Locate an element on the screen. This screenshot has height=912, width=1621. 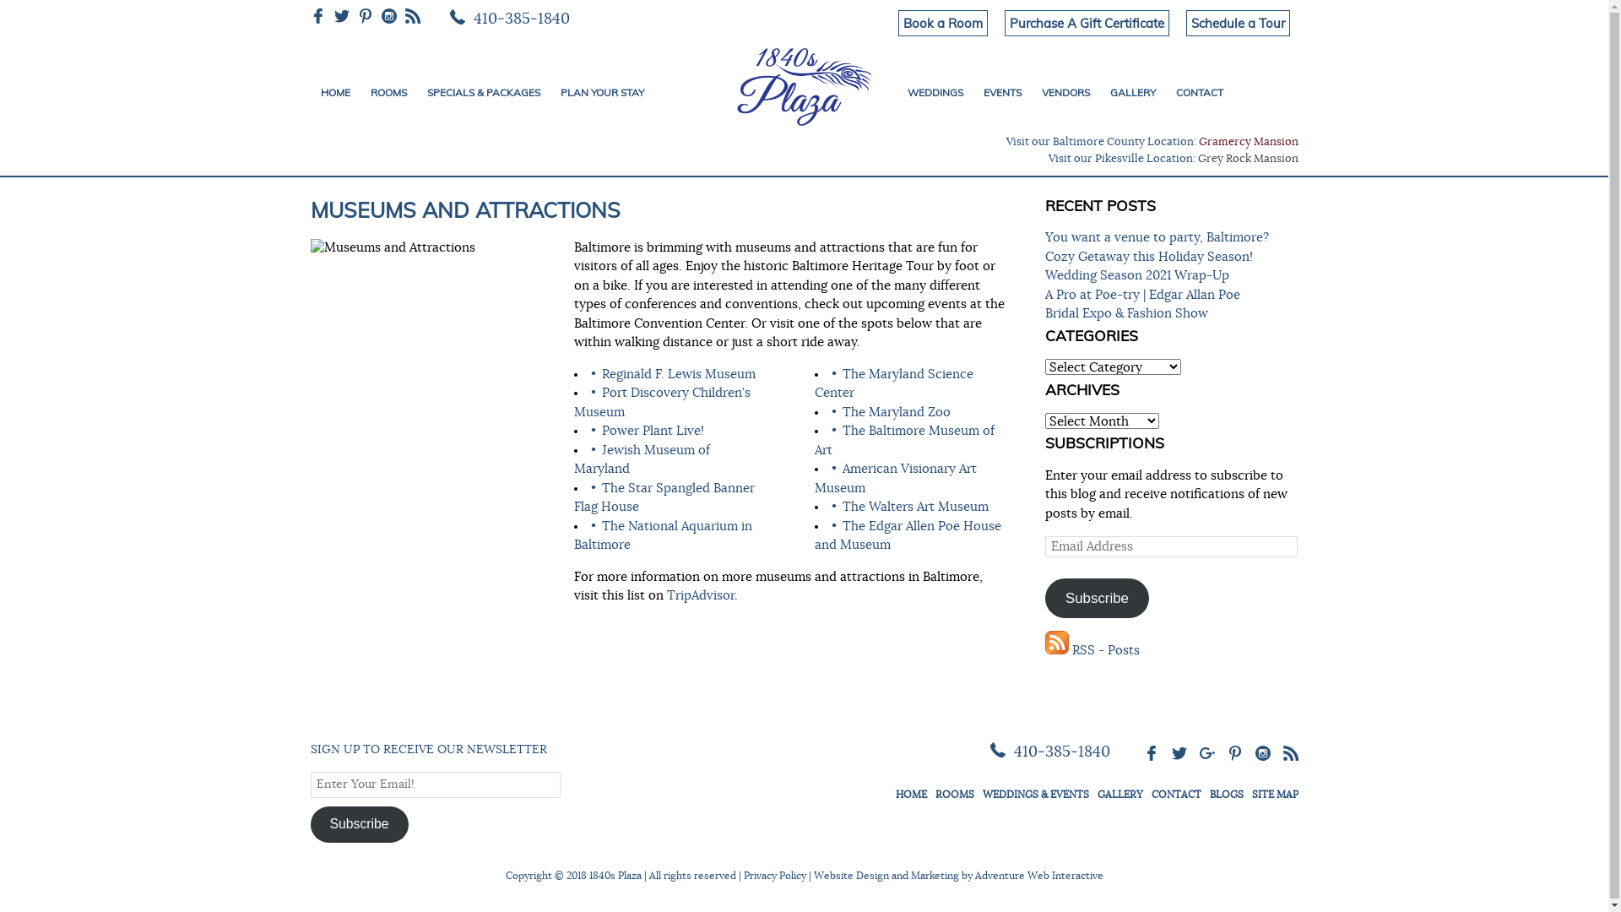
'Wedding Season 2021 Wrap-Up' is located at coordinates (1137, 274).